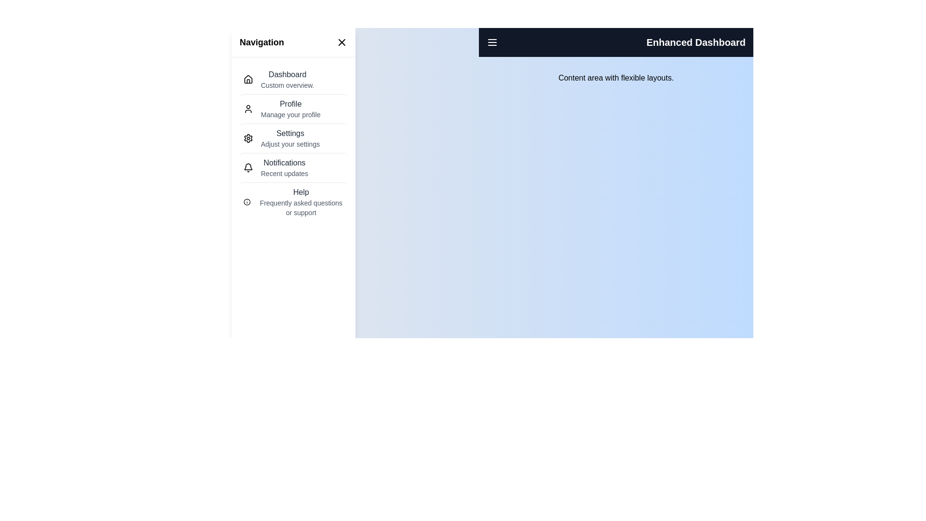 This screenshot has width=926, height=521. What do you see at coordinates (290, 144) in the screenshot?
I see `the text label displaying 'Adjust your settings' in small gray font, which is positioned directly underneath the 'Settings' title in the sidebar navigation menu` at bounding box center [290, 144].